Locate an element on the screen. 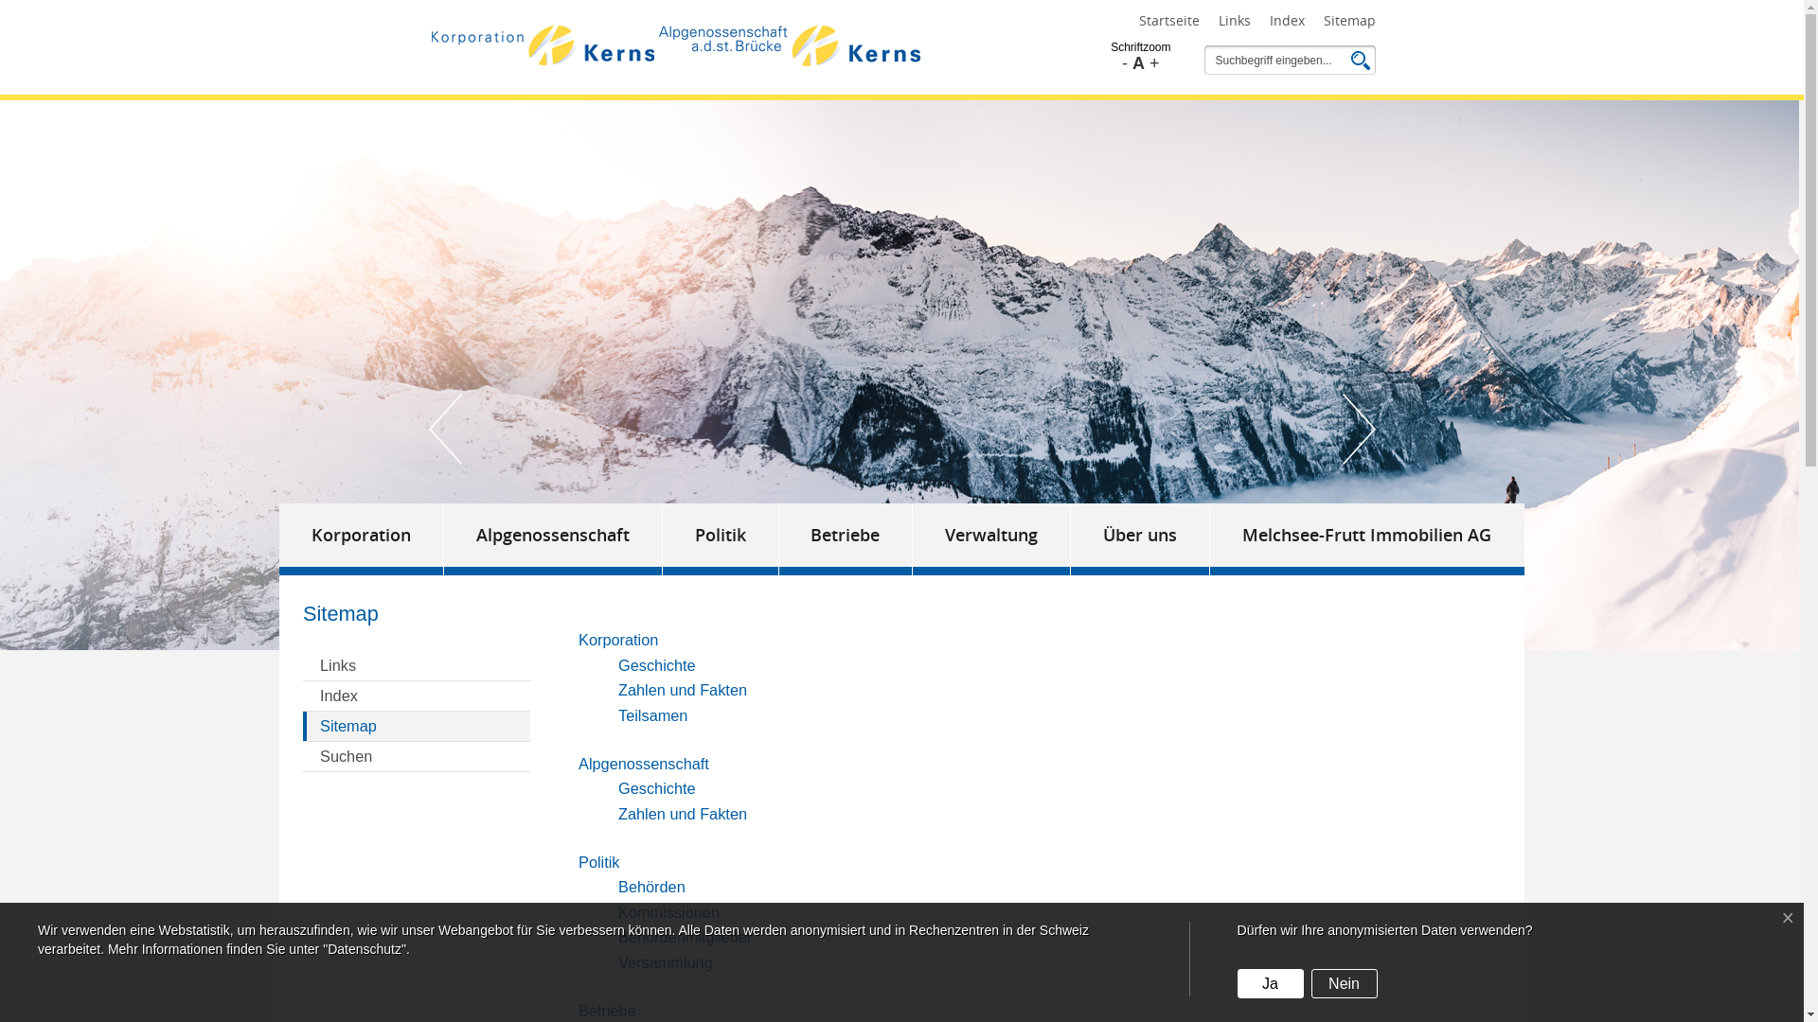  'Alpgenossenschaft' is located at coordinates (443, 539).